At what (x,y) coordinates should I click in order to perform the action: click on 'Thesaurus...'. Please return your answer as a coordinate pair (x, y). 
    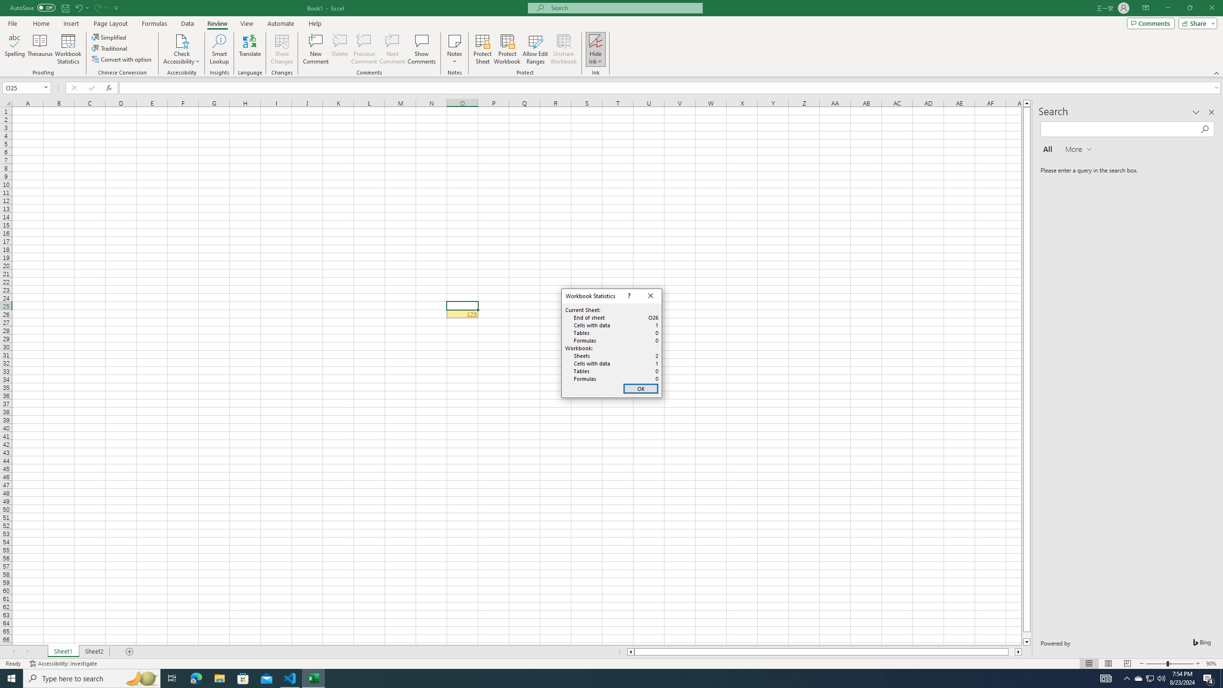
    Looking at the image, I should click on (39, 49).